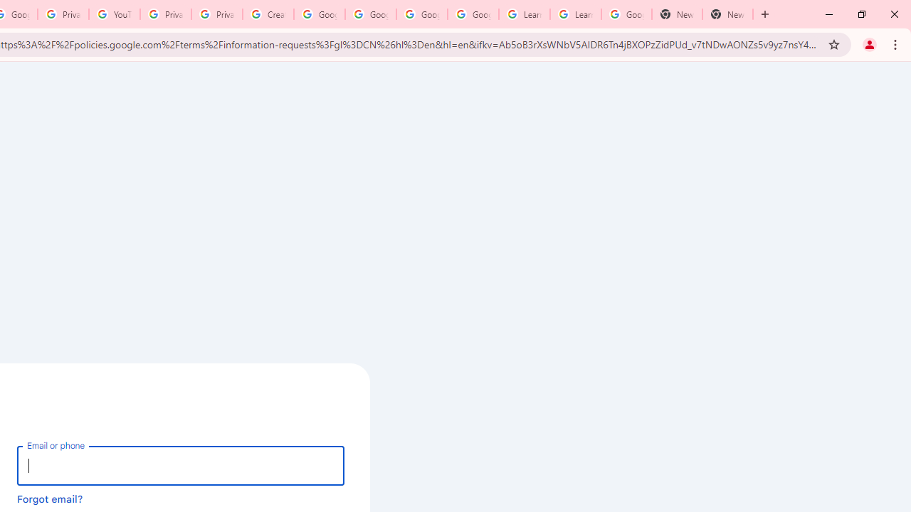 The width and height of the screenshot is (911, 512). What do you see at coordinates (676, 14) in the screenshot?
I see `'New Tab'` at bounding box center [676, 14].